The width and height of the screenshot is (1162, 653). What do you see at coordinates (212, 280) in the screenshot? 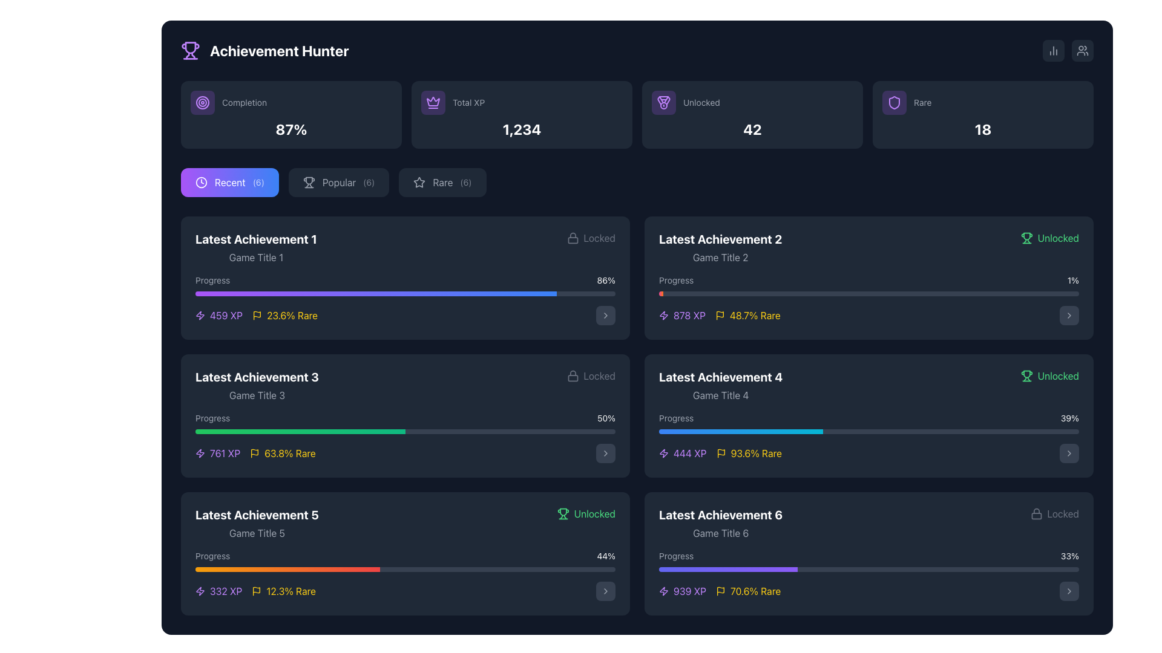
I see `the Text label that describes the progress of the achievement associated with the progress bar in the 'Latest Achievement 1' panel` at bounding box center [212, 280].